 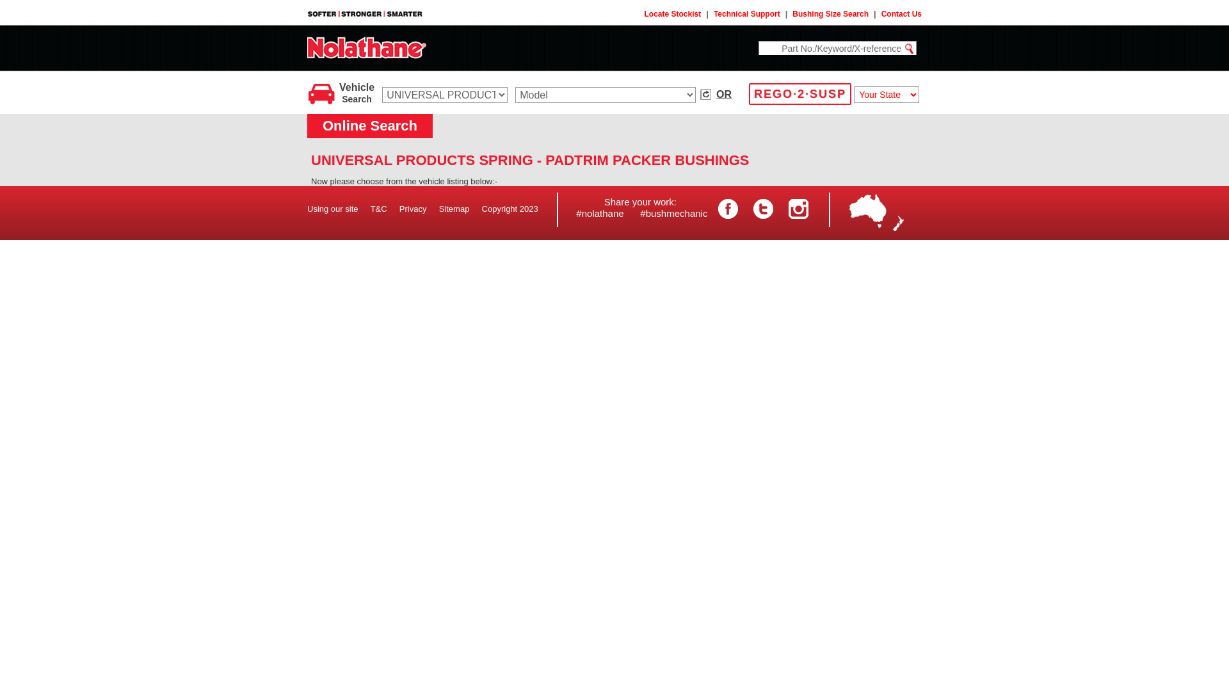 What do you see at coordinates (378, 208) in the screenshot?
I see `'T&C'` at bounding box center [378, 208].